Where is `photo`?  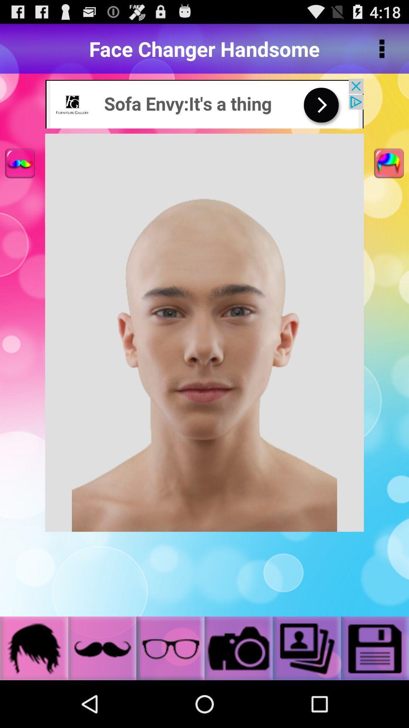 photo is located at coordinates (375, 648).